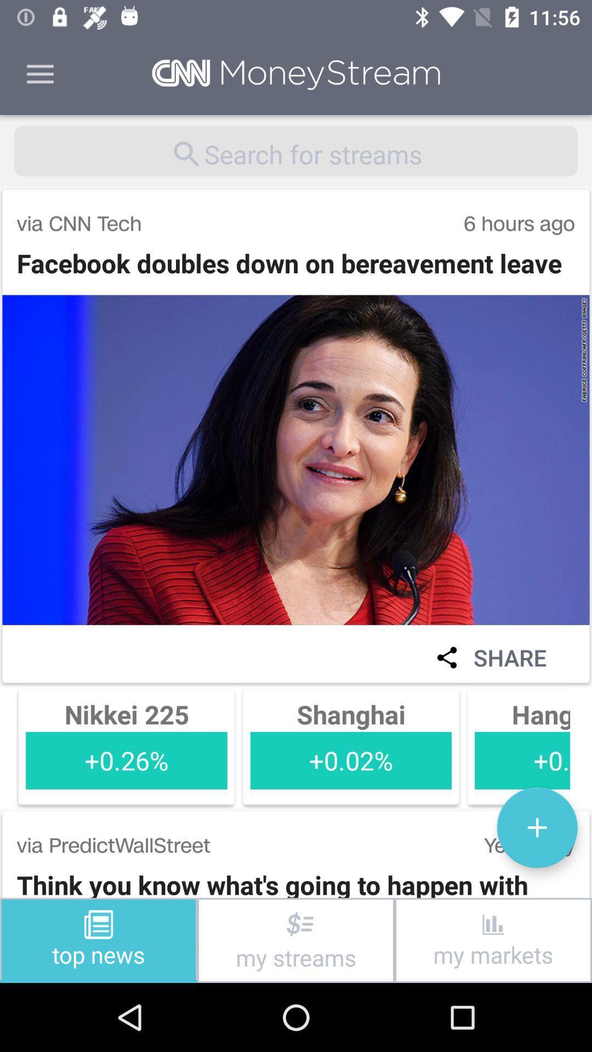  Describe the element at coordinates (537, 827) in the screenshot. I see `the add icon` at that location.